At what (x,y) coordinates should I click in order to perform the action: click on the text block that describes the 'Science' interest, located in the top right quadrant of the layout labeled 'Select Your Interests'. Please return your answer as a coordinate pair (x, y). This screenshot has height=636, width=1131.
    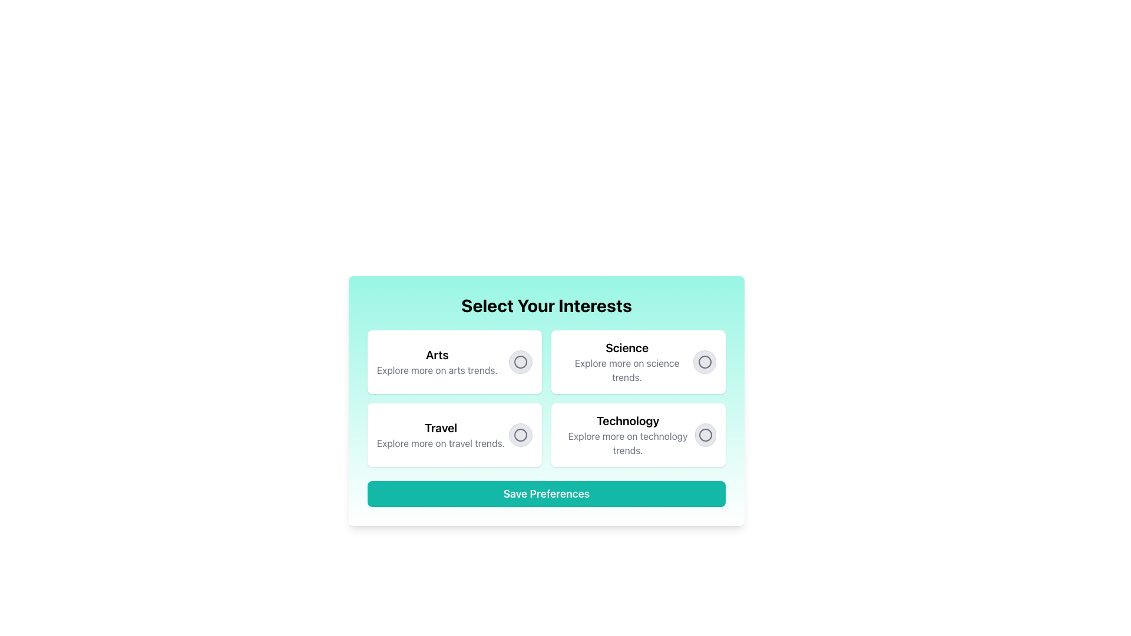
    Looking at the image, I should click on (626, 361).